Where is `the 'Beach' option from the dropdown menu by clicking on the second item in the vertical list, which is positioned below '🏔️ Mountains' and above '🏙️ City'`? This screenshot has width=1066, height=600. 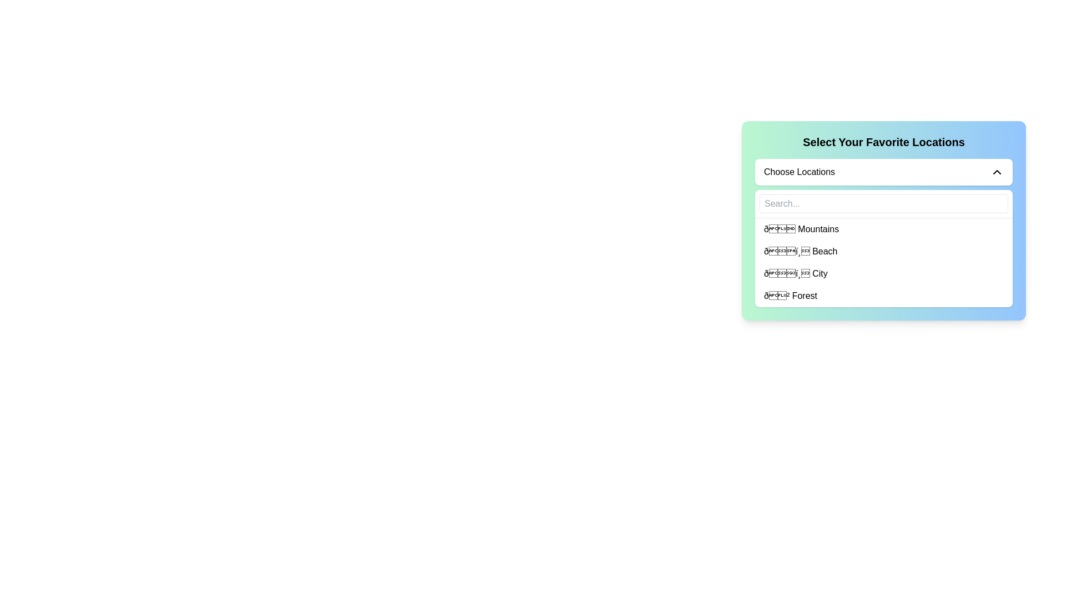 the 'Beach' option from the dropdown menu by clicking on the second item in the vertical list, which is positioned below '🏔️ Mountains' and above '🏙️ City' is located at coordinates (883, 251).